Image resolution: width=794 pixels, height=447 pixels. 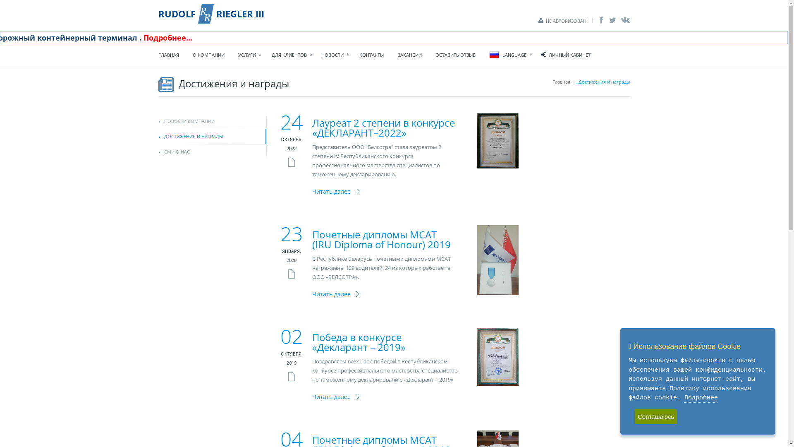 I want to click on 'RUDOLF RIEGLER III', so click(x=210, y=14).